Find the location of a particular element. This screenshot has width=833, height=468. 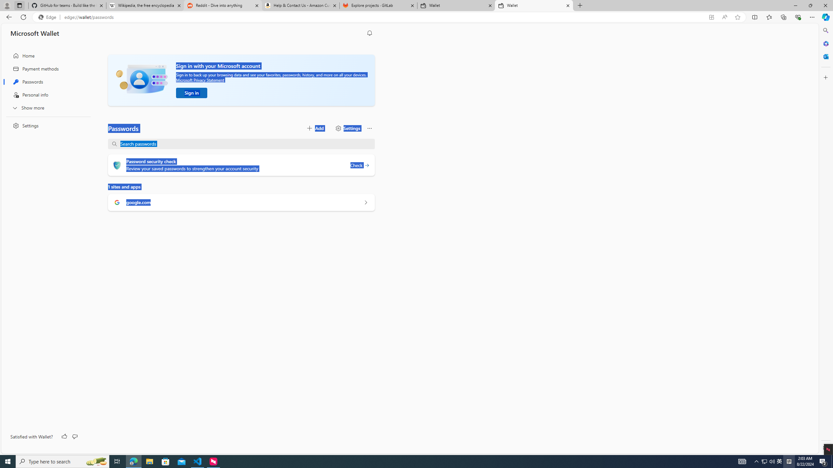

'Add' is located at coordinates (314, 128).